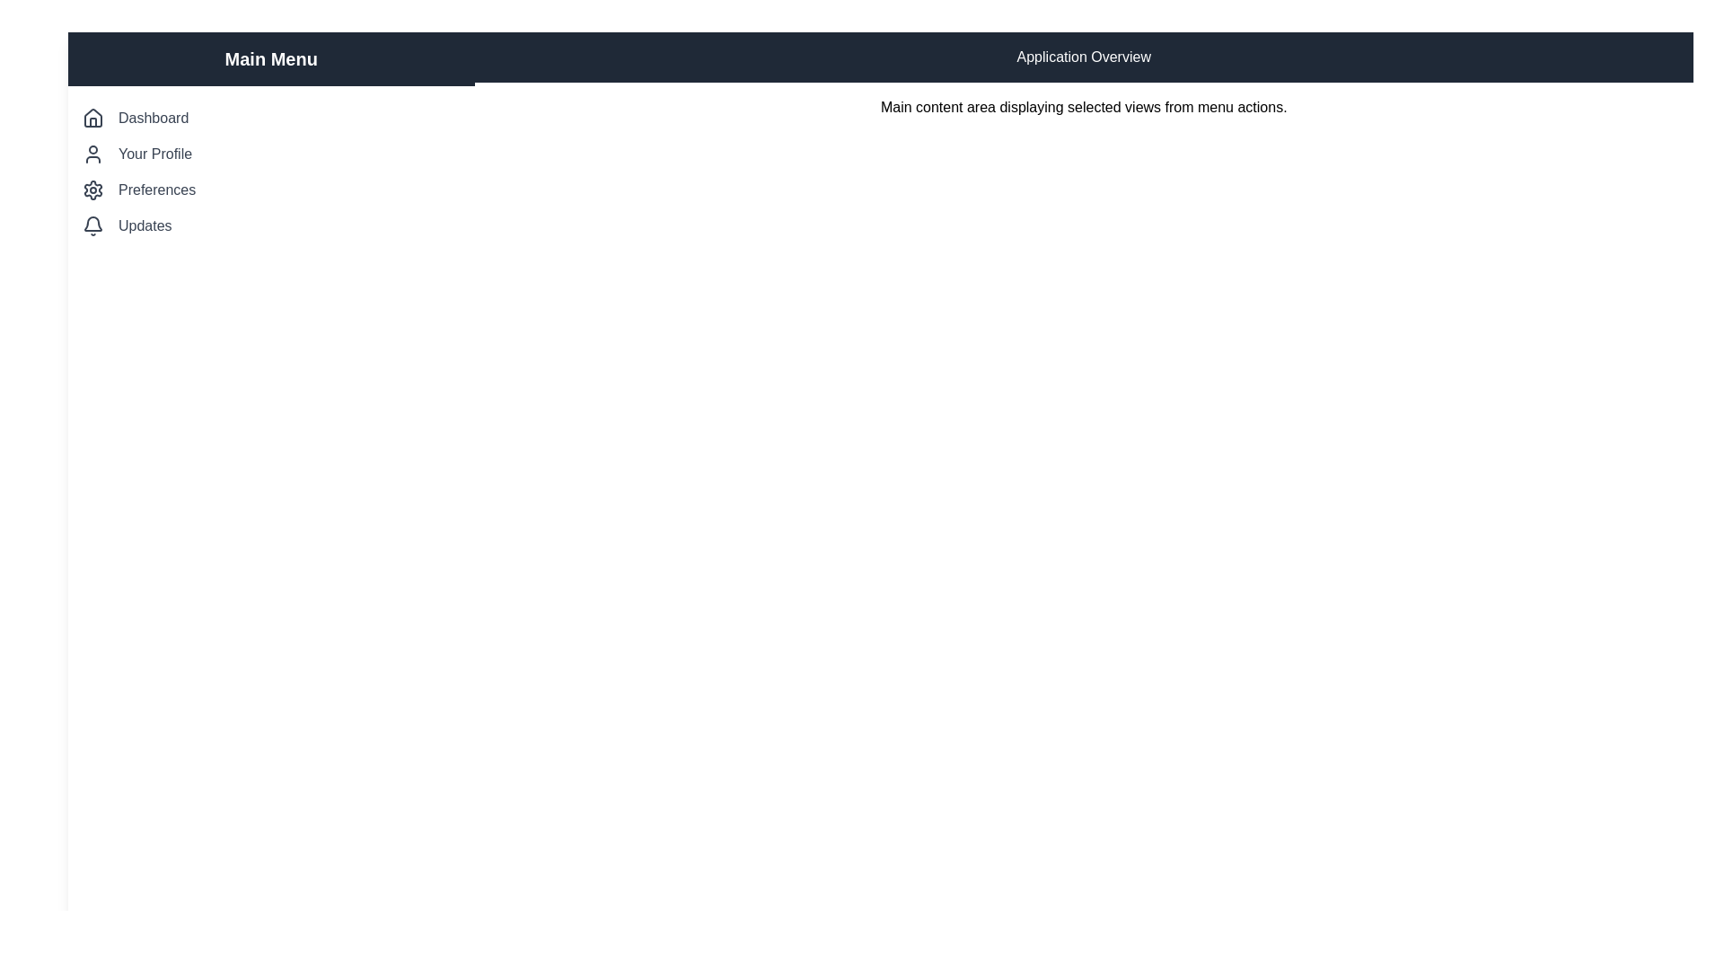 This screenshot has width=1724, height=970. What do you see at coordinates (270, 190) in the screenshot?
I see `the third item in the 'Main Menu' titled 'Preferences'` at bounding box center [270, 190].